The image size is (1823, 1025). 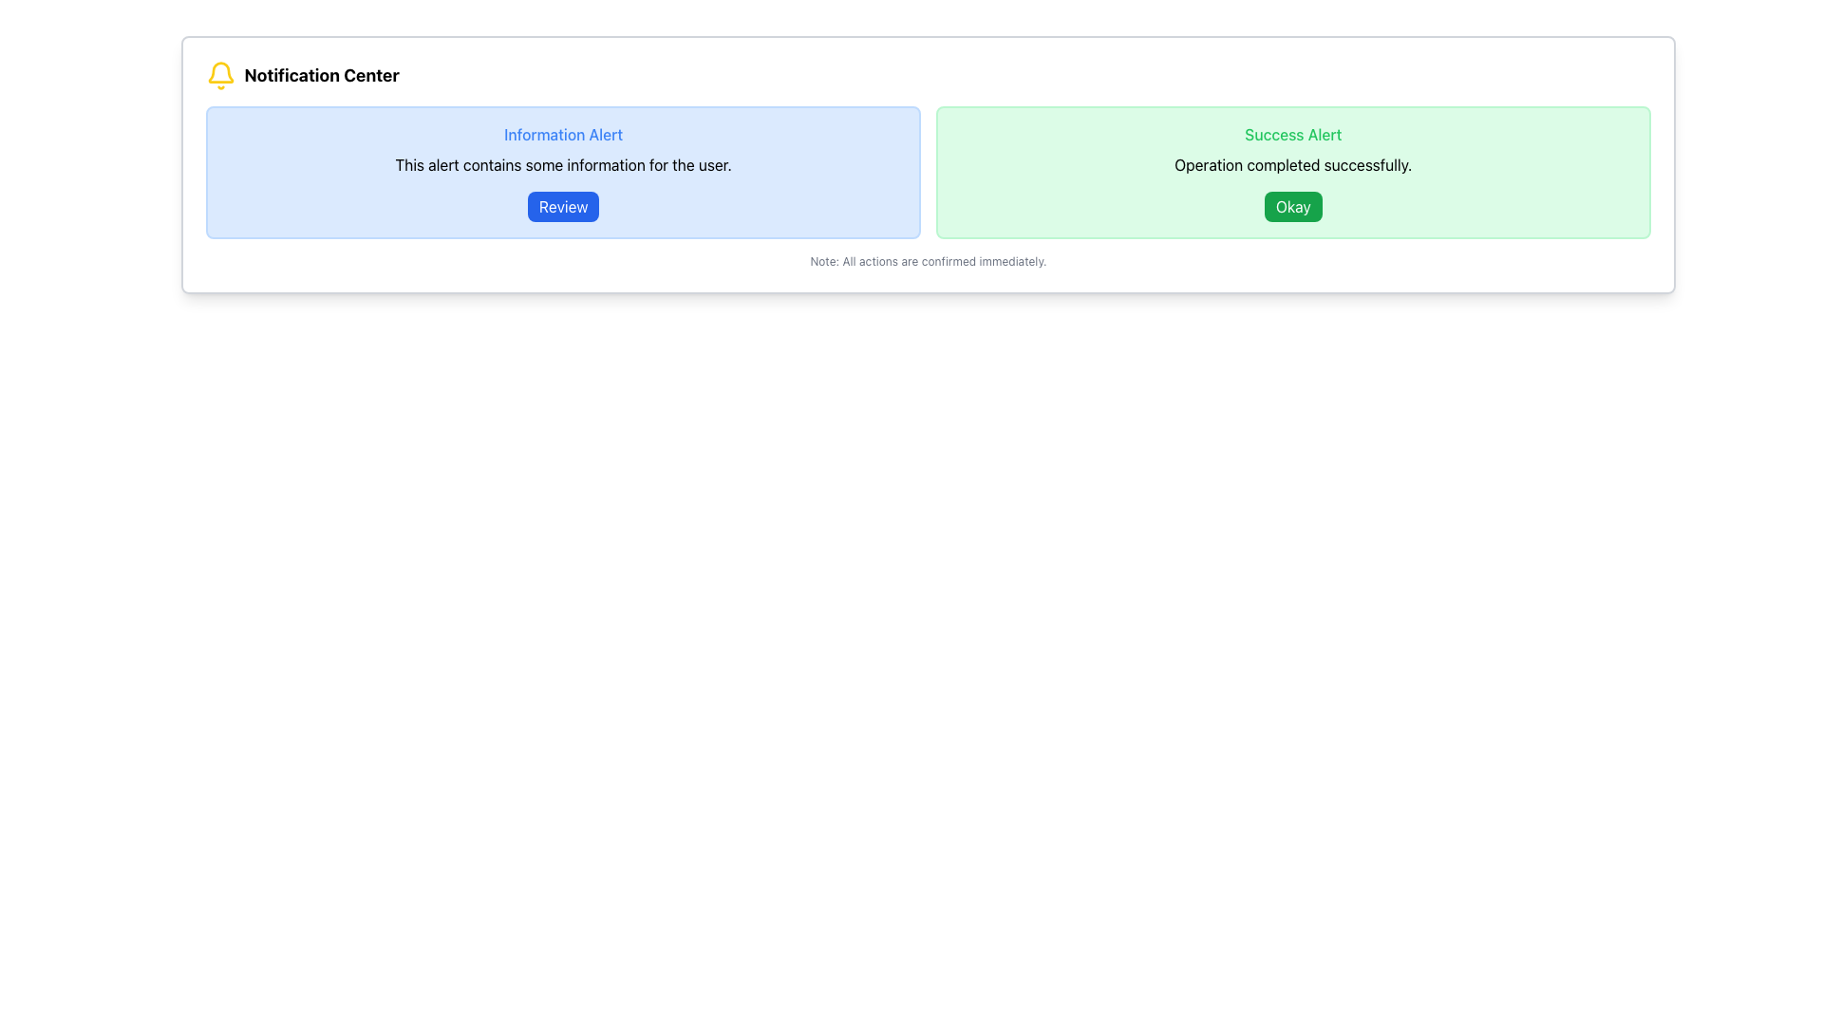 I want to click on the text label that serves as a title or header for the alert, indicating the type of alert displayed in the panel, which is located above the text 'Operation completed successfully.' and the 'Okay' button, so click(x=1292, y=134).